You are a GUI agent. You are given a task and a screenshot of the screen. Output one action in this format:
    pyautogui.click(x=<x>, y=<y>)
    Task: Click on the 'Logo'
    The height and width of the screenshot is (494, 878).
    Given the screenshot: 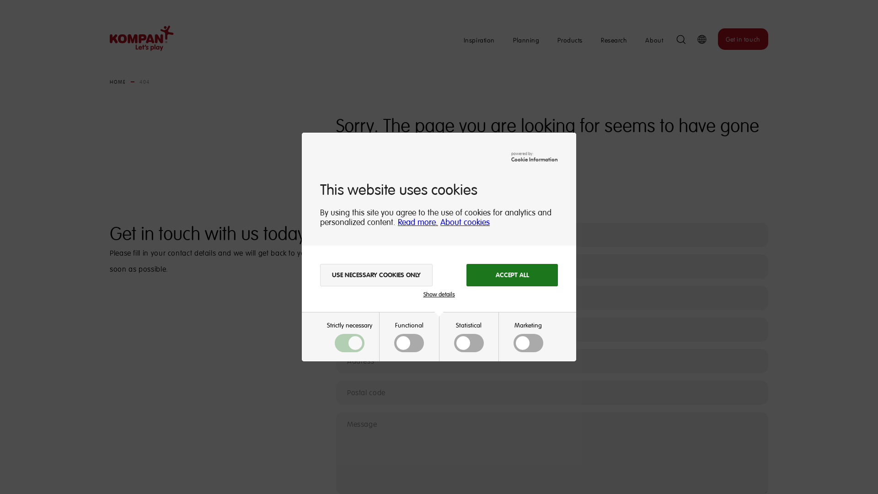 What is the action you would take?
    pyautogui.click(x=138, y=38)
    